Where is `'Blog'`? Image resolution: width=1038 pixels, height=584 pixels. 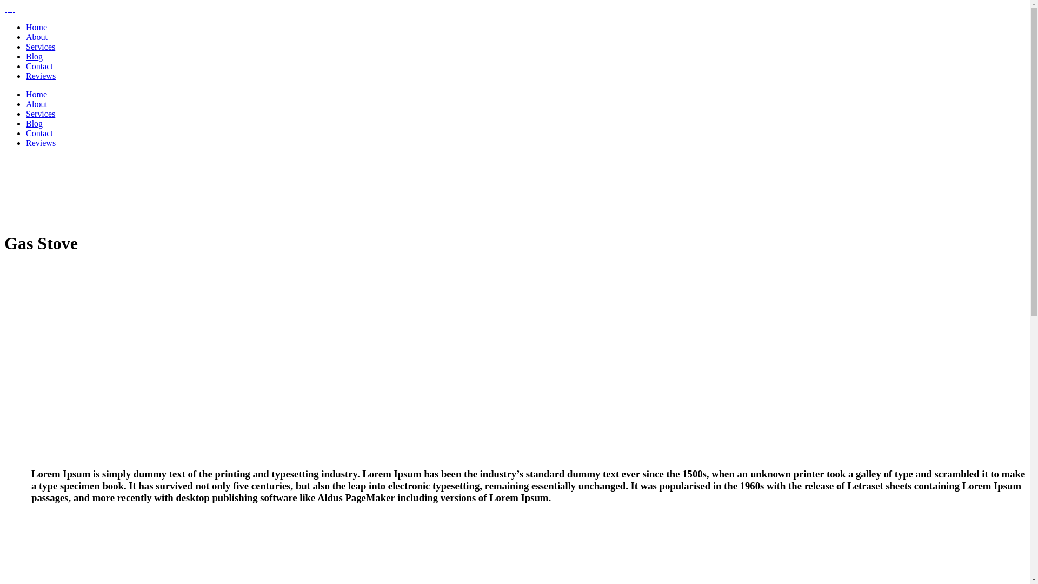 'Blog' is located at coordinates (26, 56).